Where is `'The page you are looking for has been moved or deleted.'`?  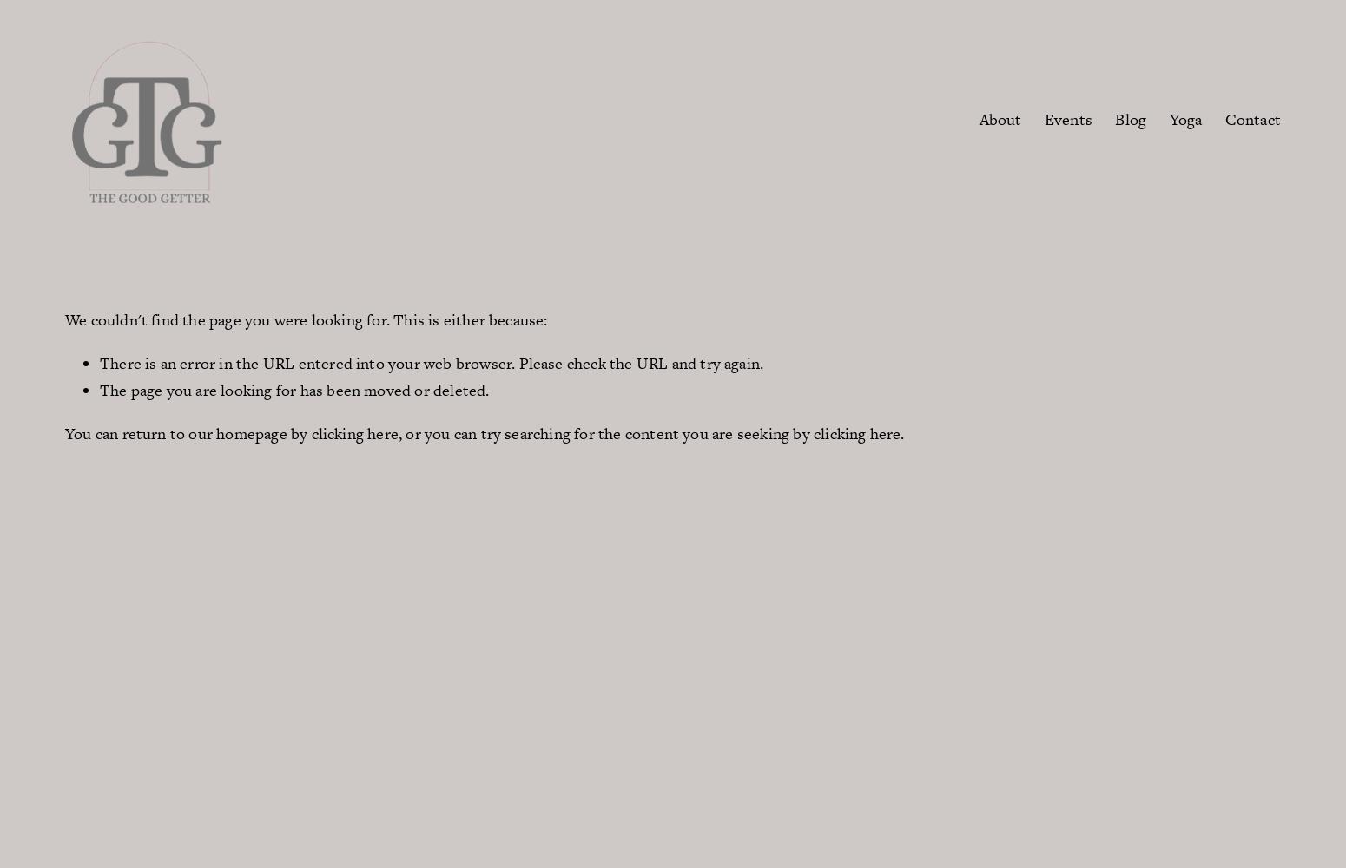 'The page you are looking for has been moved or deleted.' is located at coordinates (293, 388).